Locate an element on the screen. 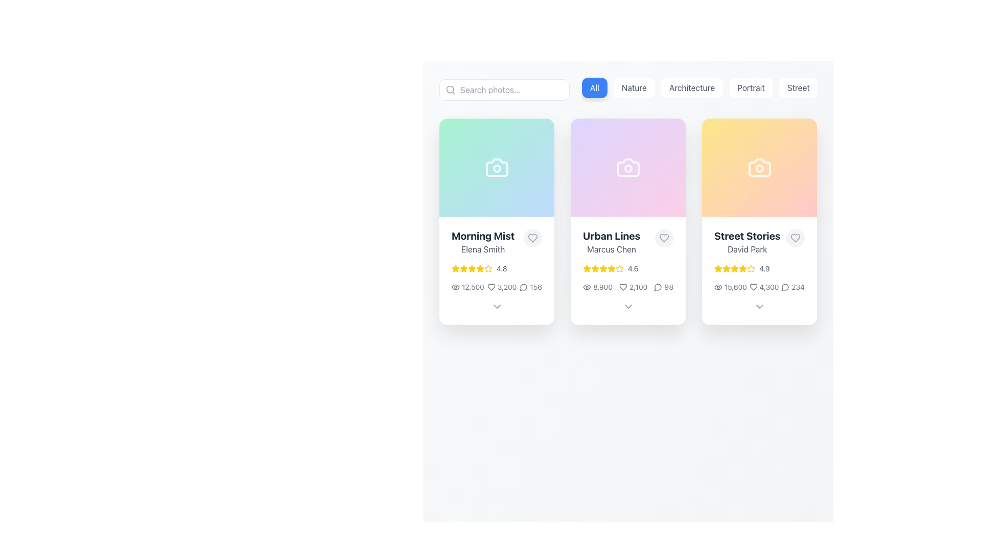  the third star icon in the rating stars for the 'Street Stories' card to interact with the rating function is located at coordinates (718, 268).